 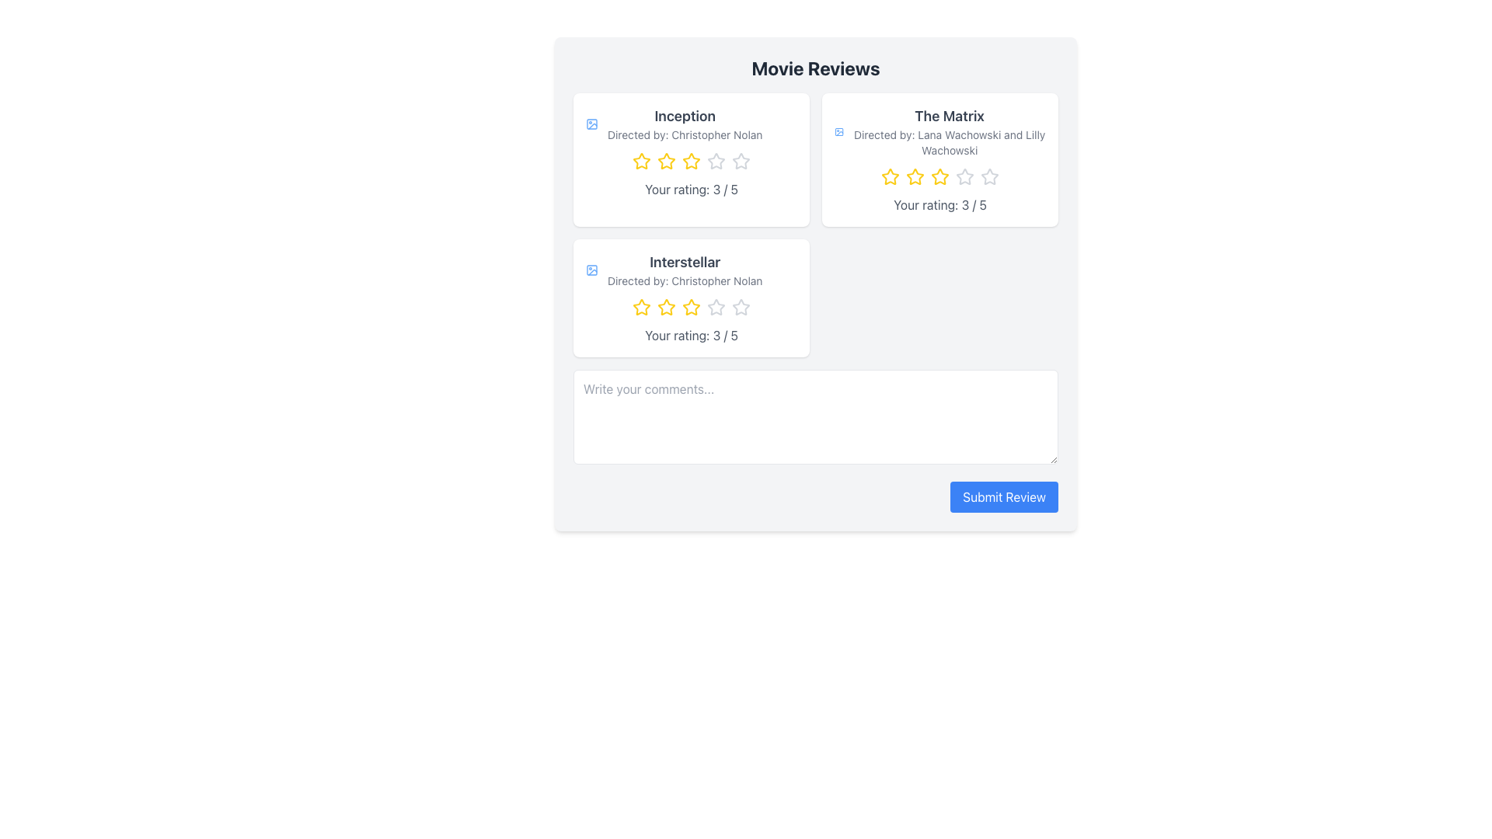 What do you see at coordinates (988, 176) in the screenshot?
I see `the fifth star icon in the rating system for 'The Matrix', which is currently inactive and dimmed, indicating it is not selected` at bounding box center [988, 176].